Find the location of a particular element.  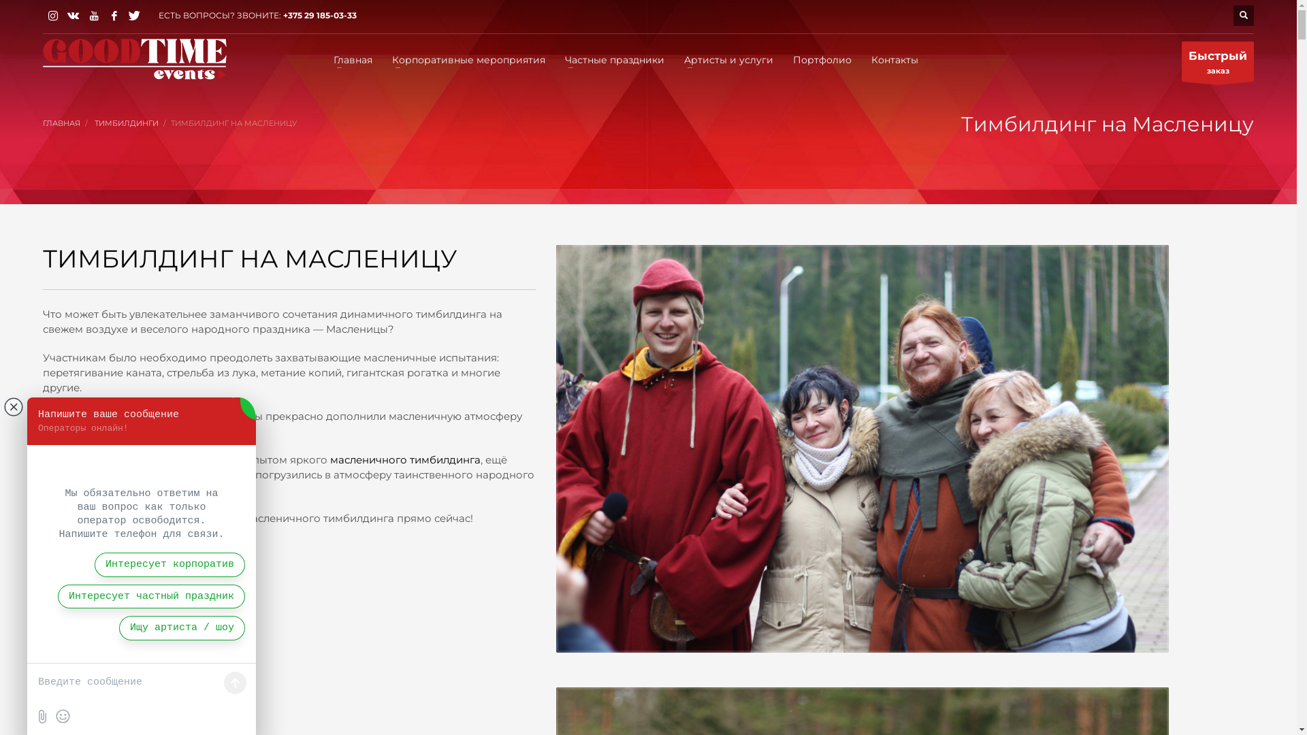

'Facebook' is located at coordinates (114, 16).